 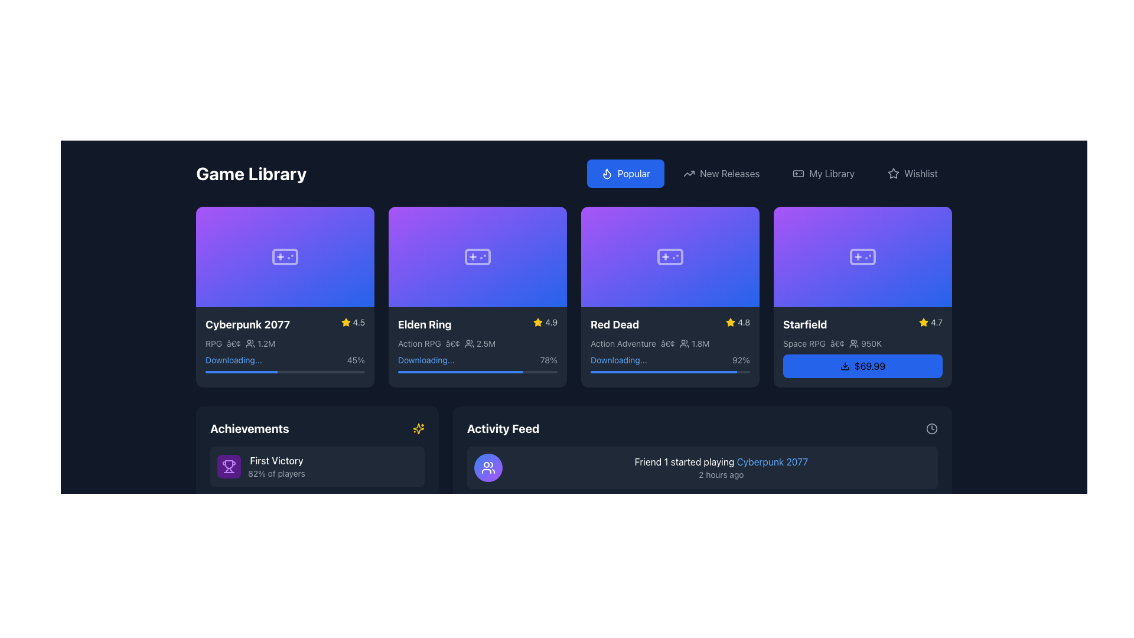 I want to click on the user metrics icon, which is a group of people icon located to the left of the text '950K' in the 'Starfield' card of the 'Game Library' section, so click(x=854, y=343).